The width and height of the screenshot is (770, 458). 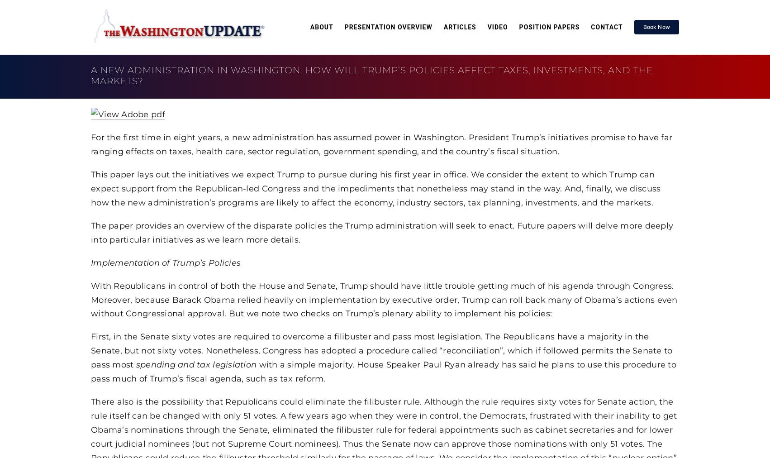 What do you see at coordinates (371, 75) in the screenshot?
I see `'A New Administration in Washington: How Will Trump’s Policies Affect Taxes, Investments, and the Markets?'` at bounding box center [371, 75].